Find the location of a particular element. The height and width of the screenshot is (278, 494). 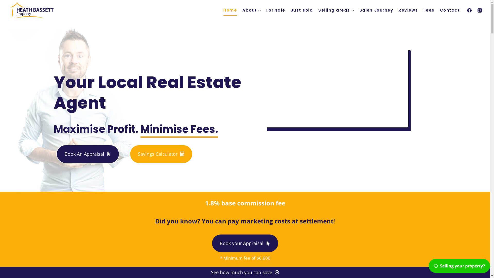

'Fees' is located at coordinates (429, 10).